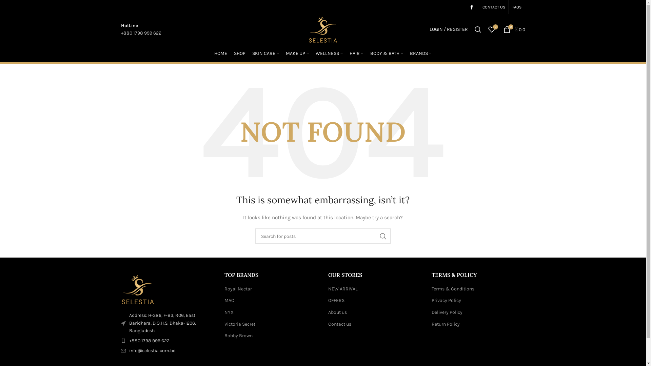  I want to click on 'wd-envelope-dark', so click(123, 350).